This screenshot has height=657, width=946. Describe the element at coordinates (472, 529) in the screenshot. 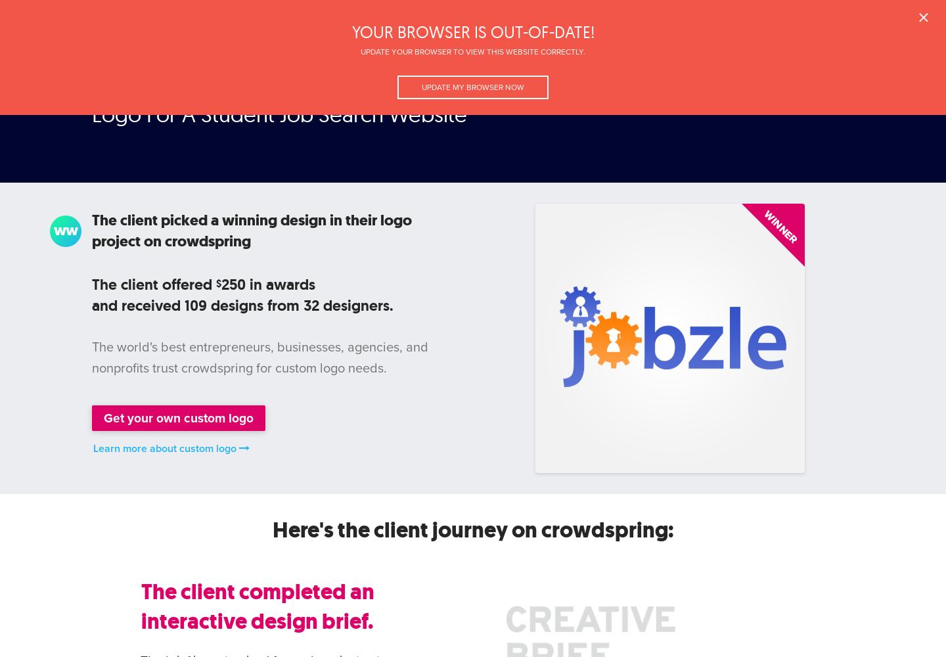

I see `'Here's the client journey on crowdspring:'` at that location.